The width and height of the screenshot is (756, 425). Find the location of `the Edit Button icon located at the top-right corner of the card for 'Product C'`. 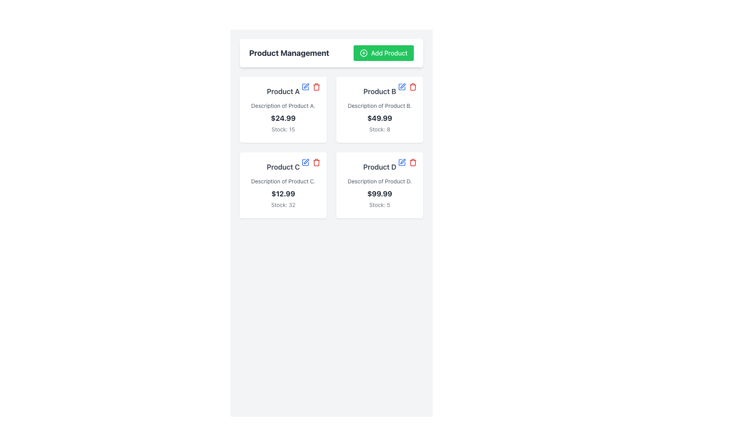

the Edit Button icon located at the top-right corner of the card for 'Product C' is located at coordinates (305, 162).